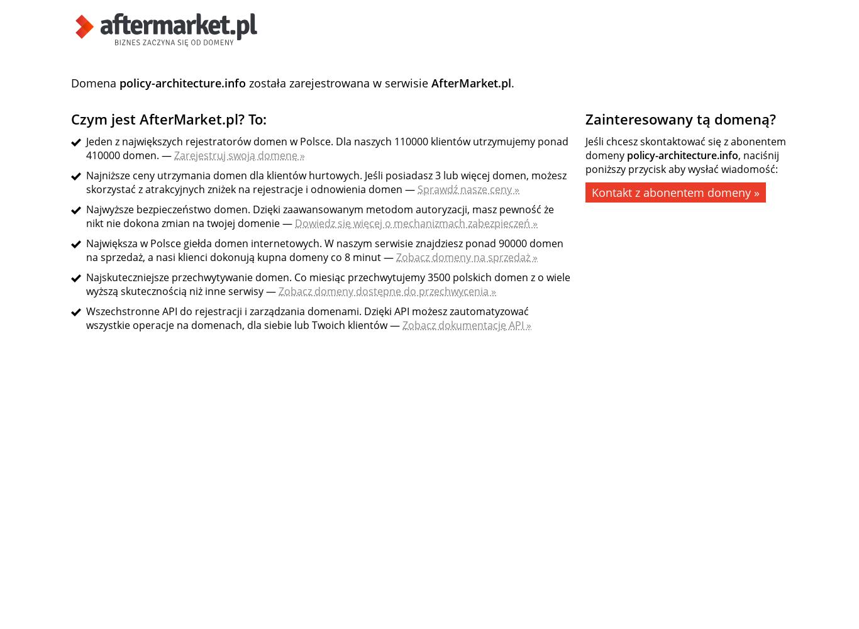 This screenshot has height=629, width=859. Describe the element at coordinates (675, 192) in the screenshot. I see `'Kontakt z abonentem domeny »'` at that location.